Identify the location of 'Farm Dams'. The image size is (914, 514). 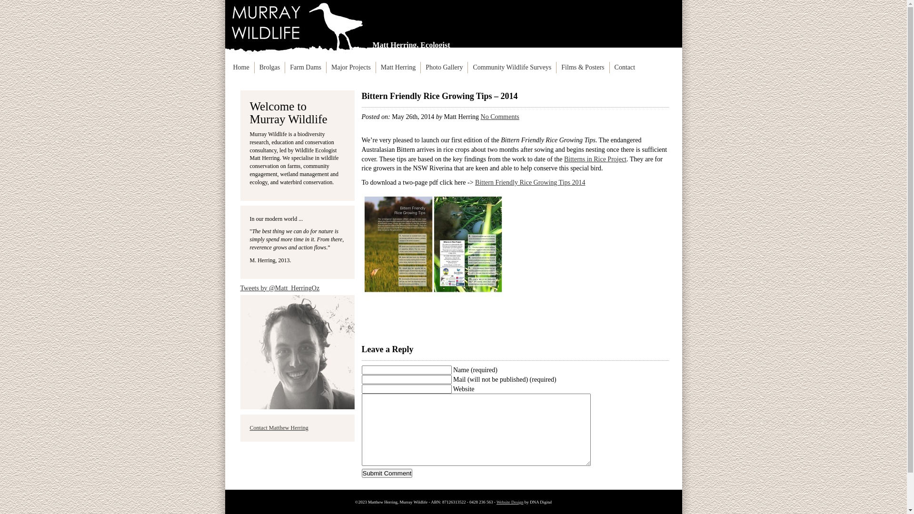
(285, 67).